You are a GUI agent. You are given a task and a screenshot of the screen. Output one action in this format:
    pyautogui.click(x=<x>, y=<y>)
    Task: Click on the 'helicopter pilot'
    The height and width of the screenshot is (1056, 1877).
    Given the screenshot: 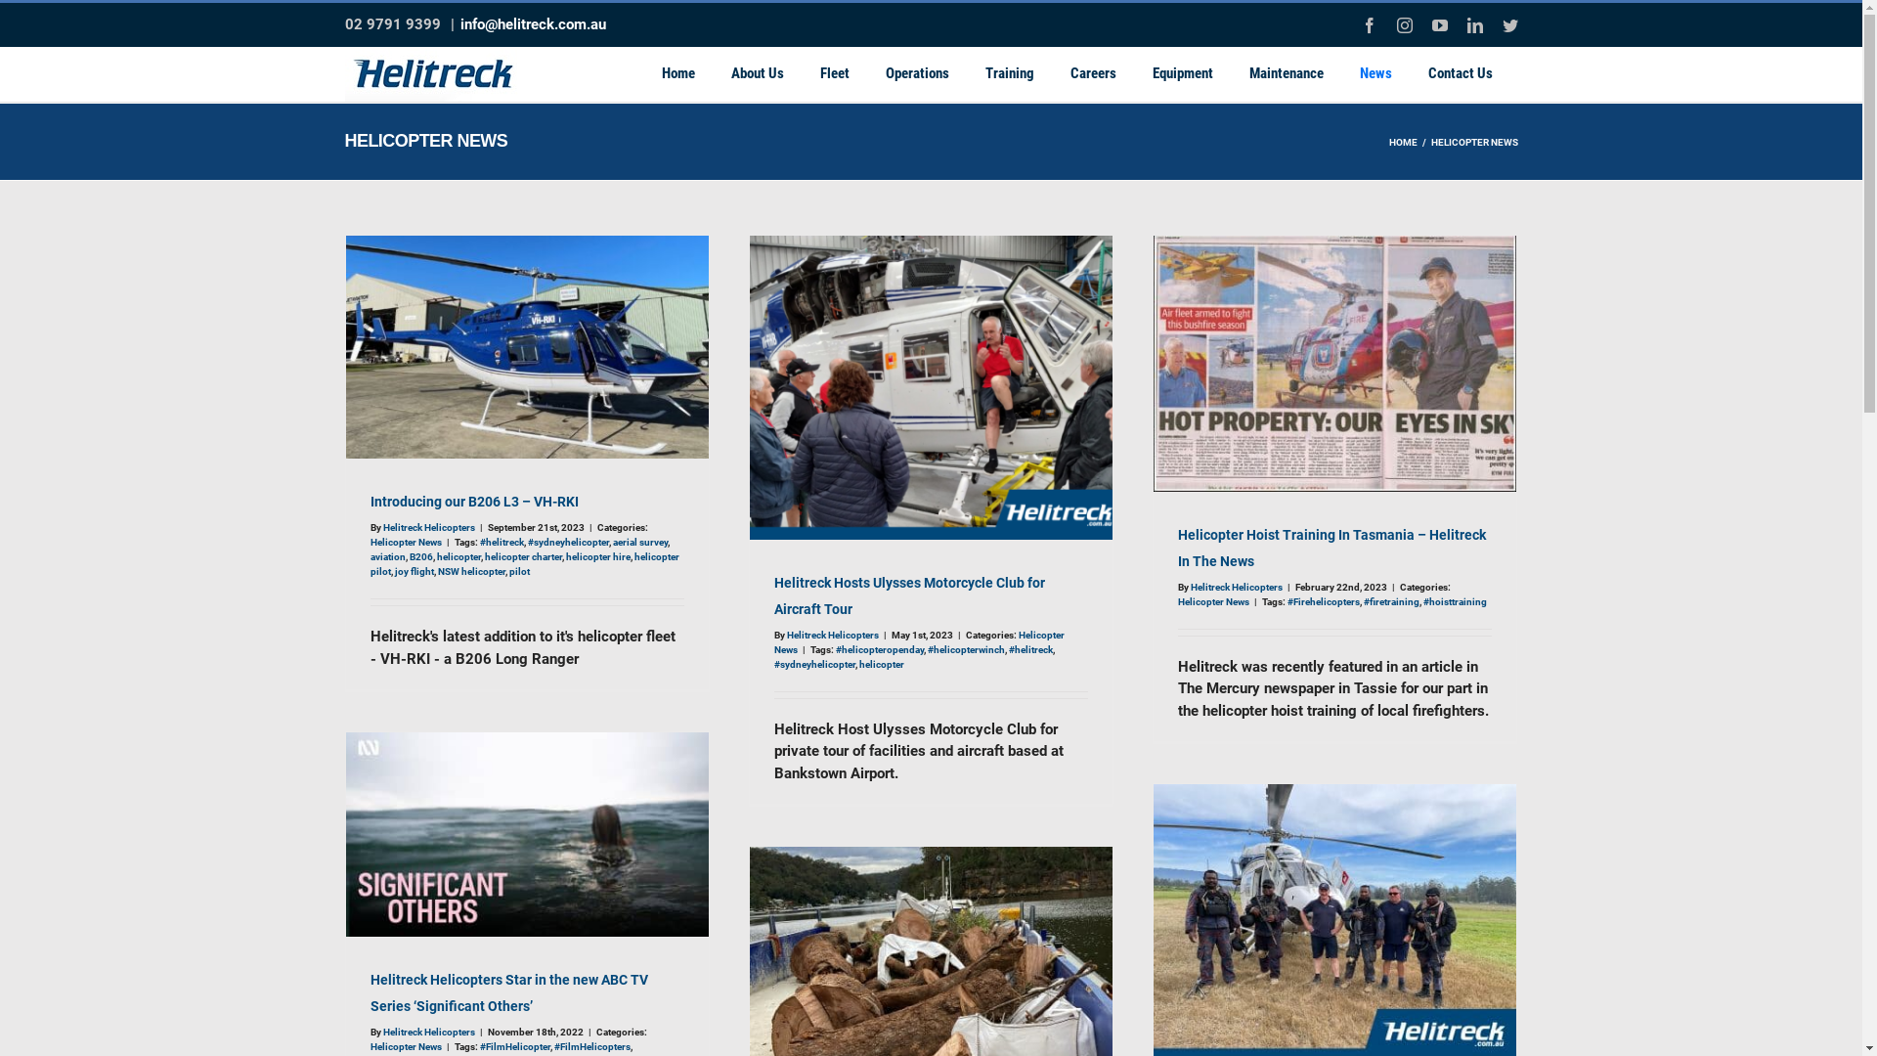 What is the action you would take?
    pyautogui.click(x=524, y=564)
    